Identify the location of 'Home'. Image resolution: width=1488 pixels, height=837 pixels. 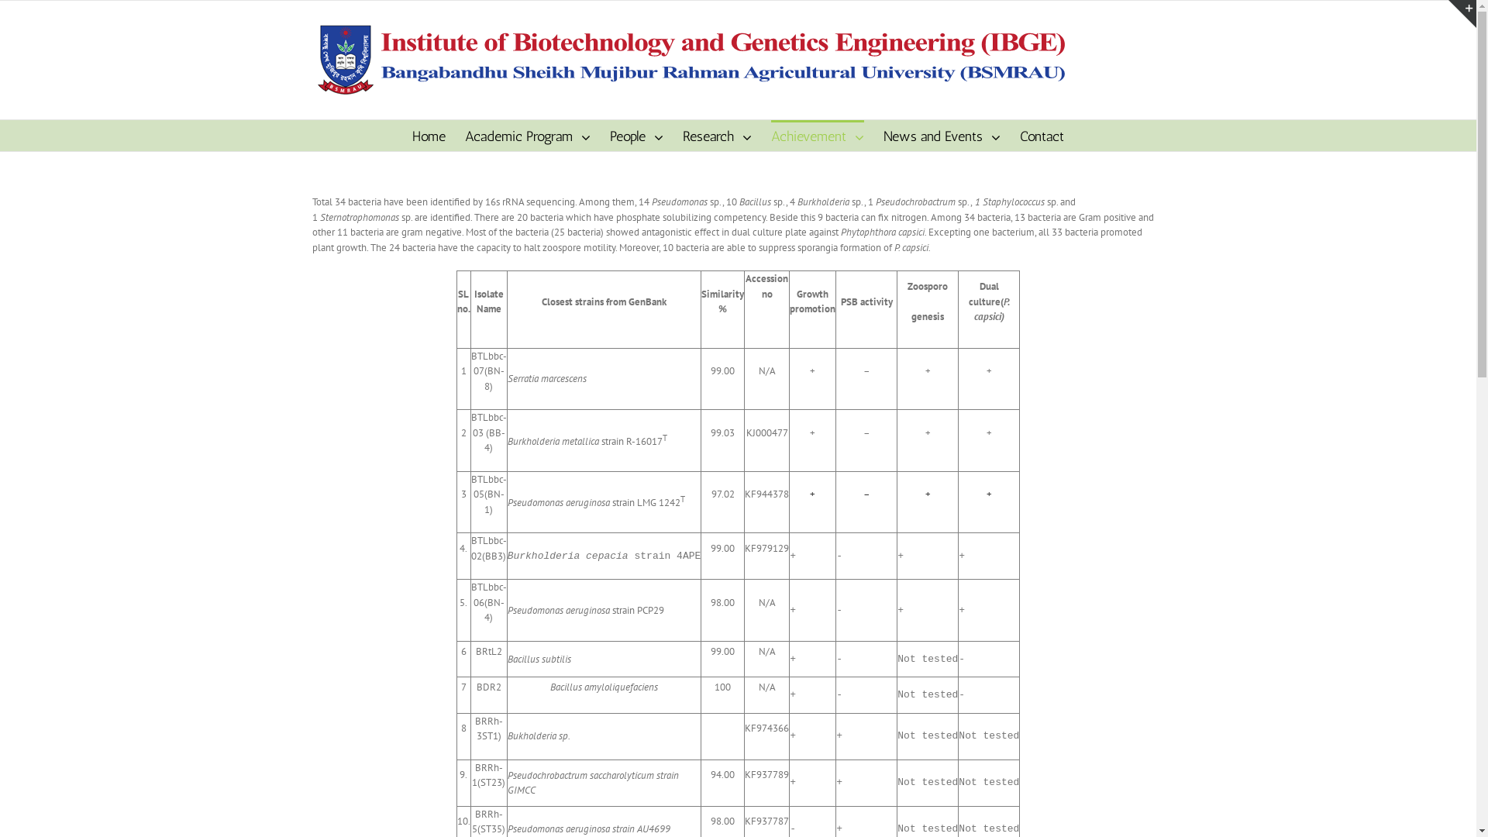
(429, 134).